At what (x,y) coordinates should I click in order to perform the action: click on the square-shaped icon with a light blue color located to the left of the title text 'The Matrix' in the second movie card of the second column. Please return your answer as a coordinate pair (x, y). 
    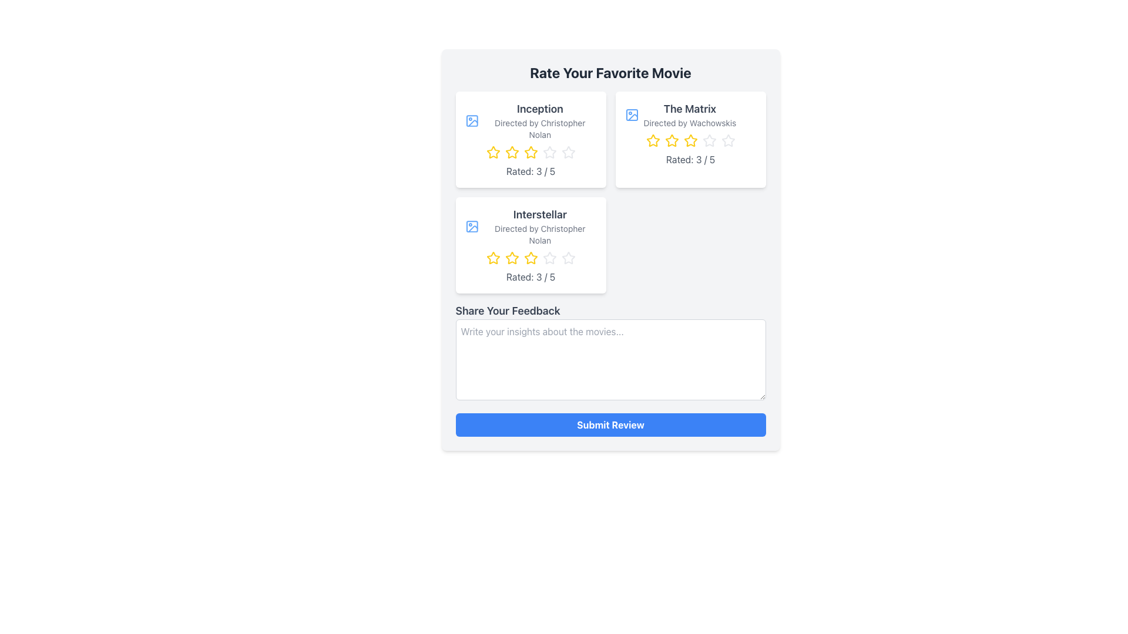
    Looking at the image, I should click on (631, 115).